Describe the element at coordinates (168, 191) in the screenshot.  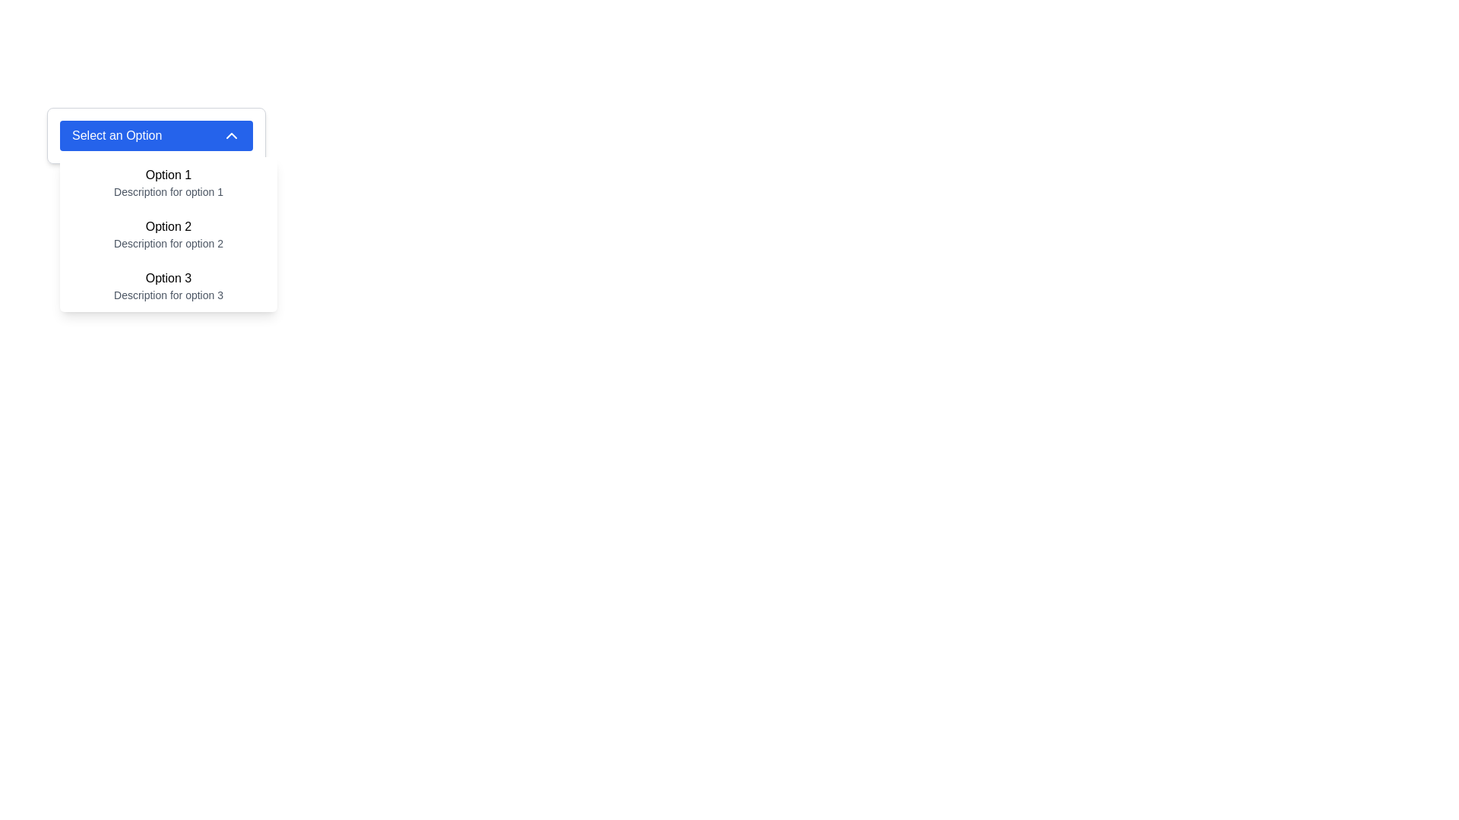
I see `the text label displaying 'Description for option 1', which is styled with a small font size and gray color, located directly beneath the main label 'Option 1' in the dropdown menu` at that location.